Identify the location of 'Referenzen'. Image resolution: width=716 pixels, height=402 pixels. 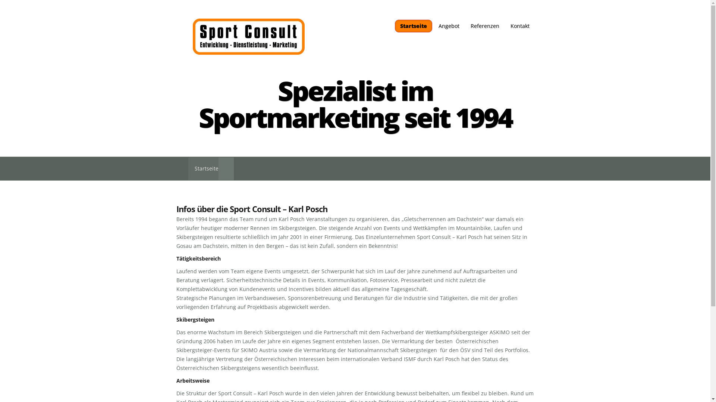
(484, 25).